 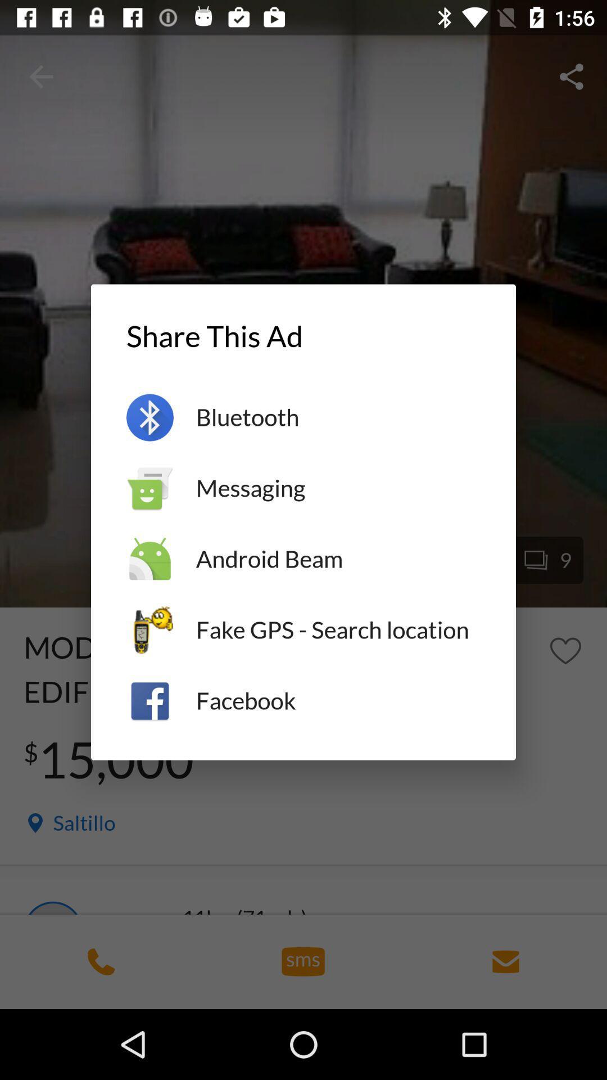 I want to click on item below fake gps search item, so click(x=337, y=700).